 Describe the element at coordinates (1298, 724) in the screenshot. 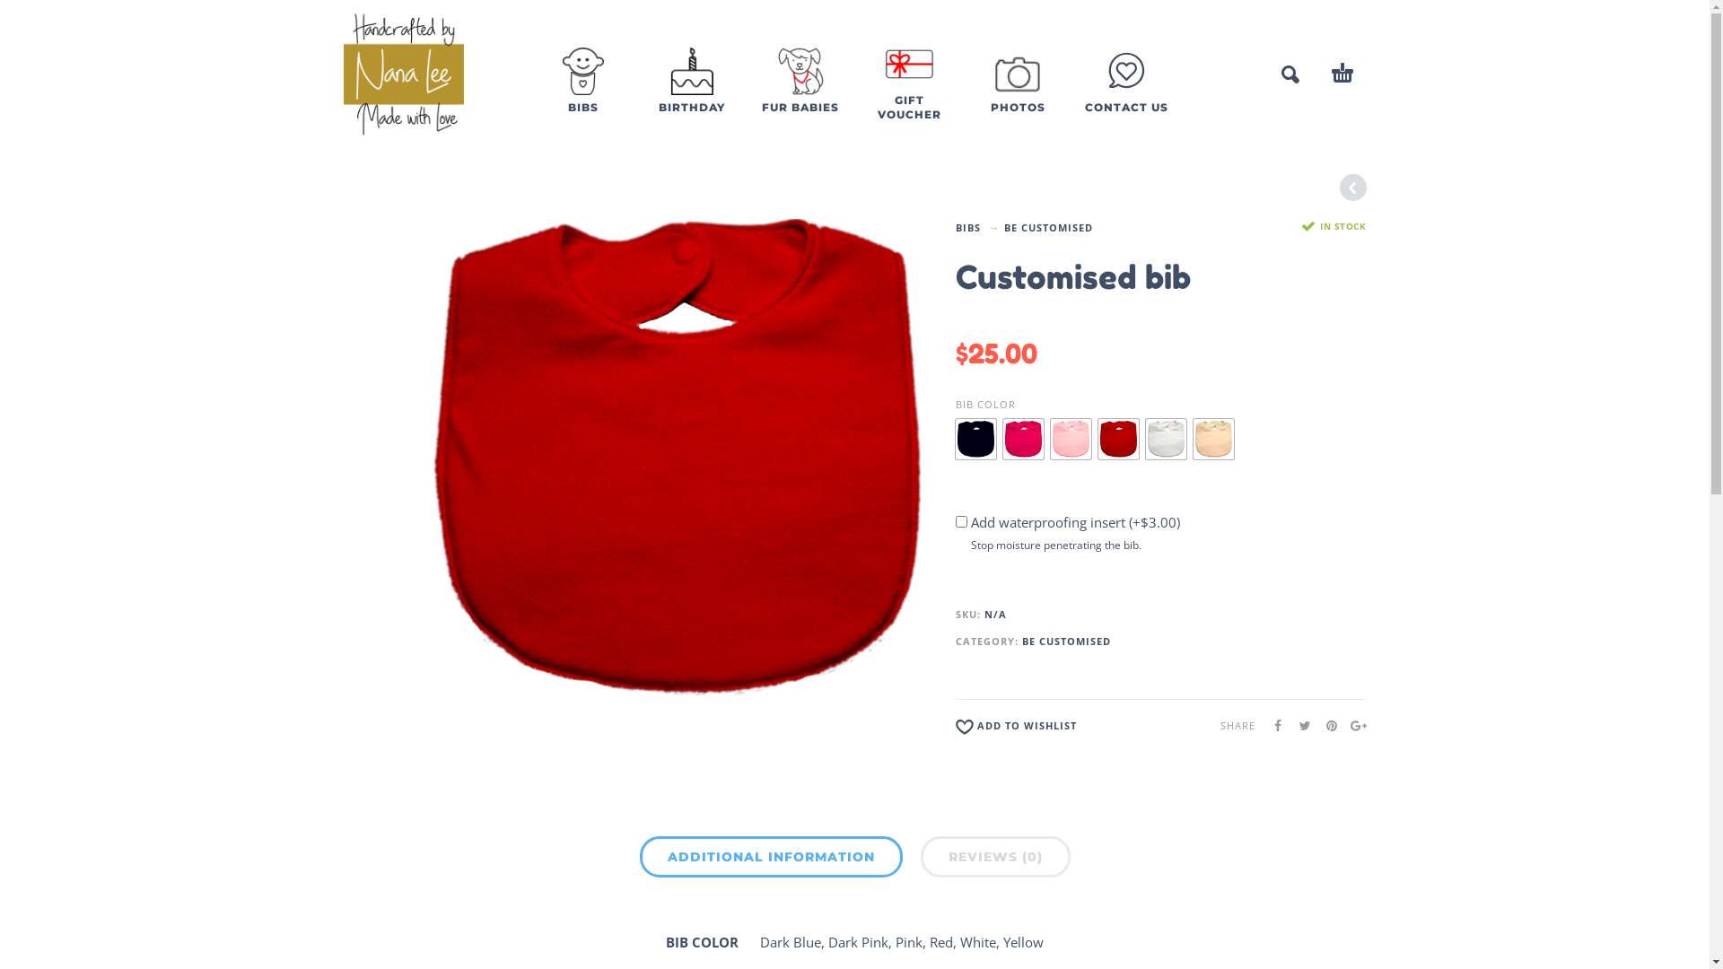

I see `'Share on Twitter'` at that location.